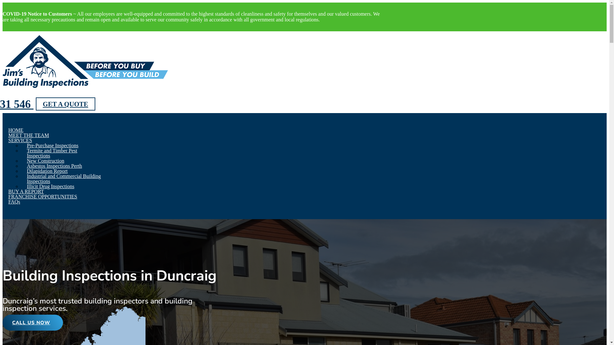 The image size is (614, 345). I want to click on 'Termite and Timber Pest Inspections', so click(26, 153).